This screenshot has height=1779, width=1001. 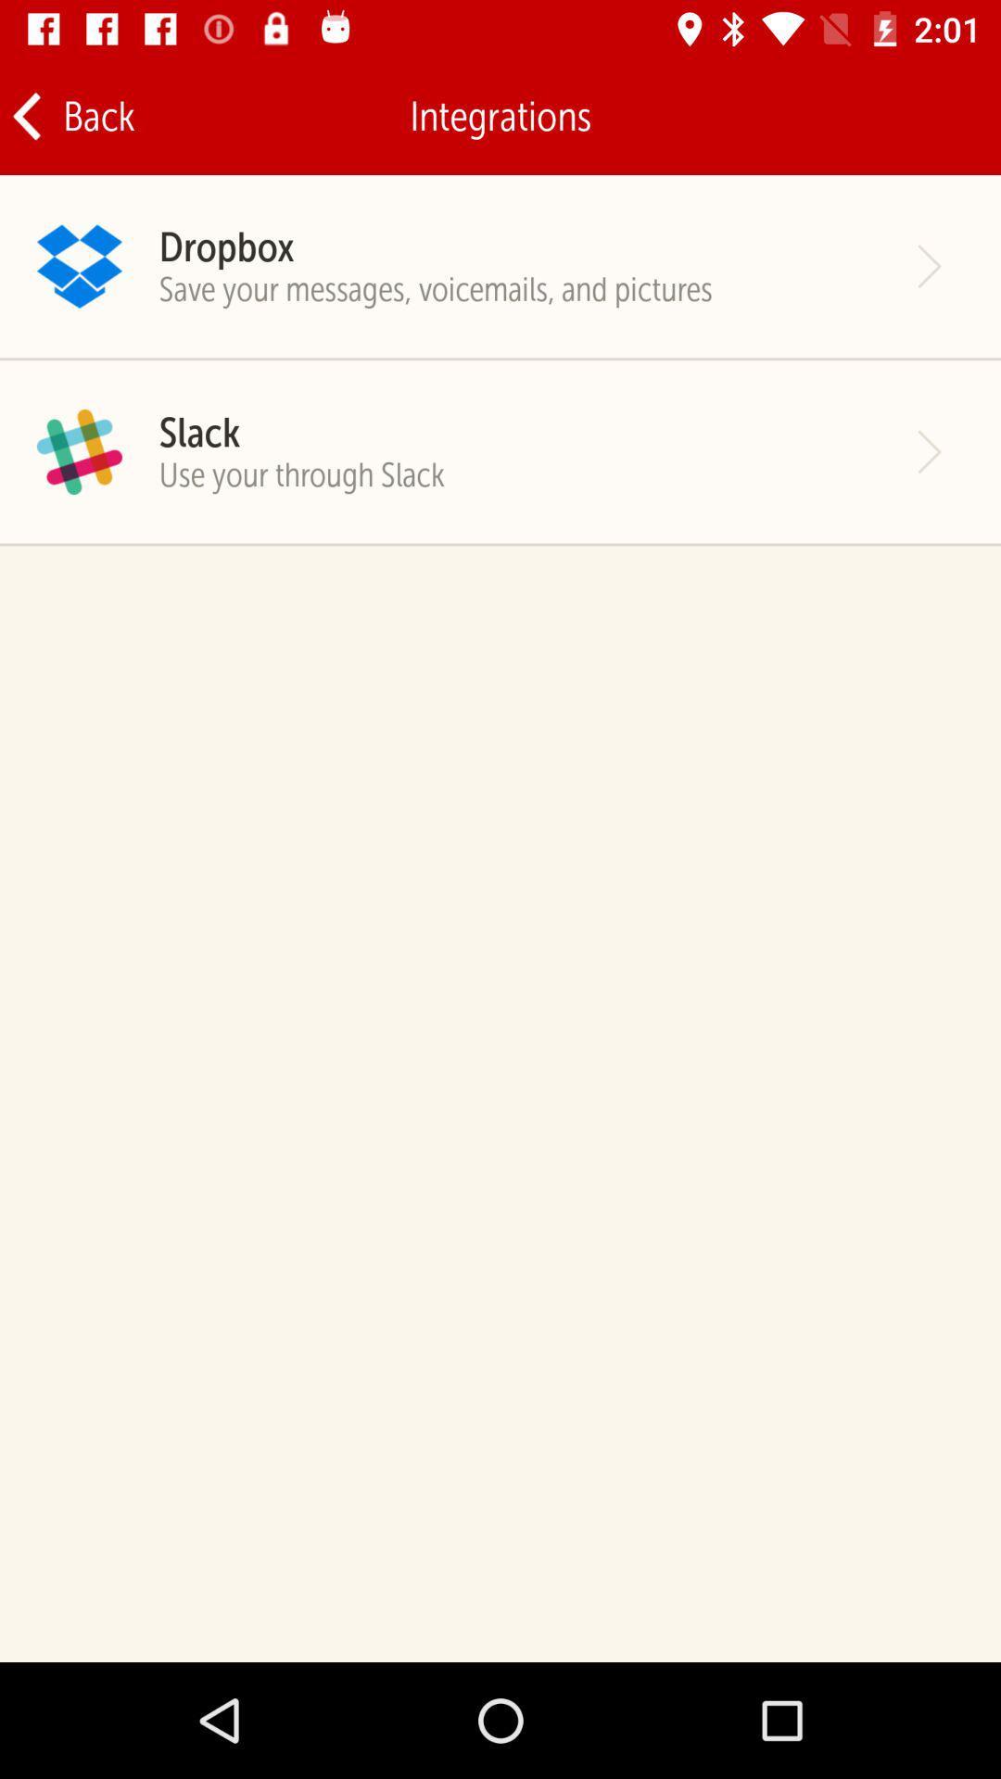 I want to click on icon below the dropbox, so click(x=436, y=288).